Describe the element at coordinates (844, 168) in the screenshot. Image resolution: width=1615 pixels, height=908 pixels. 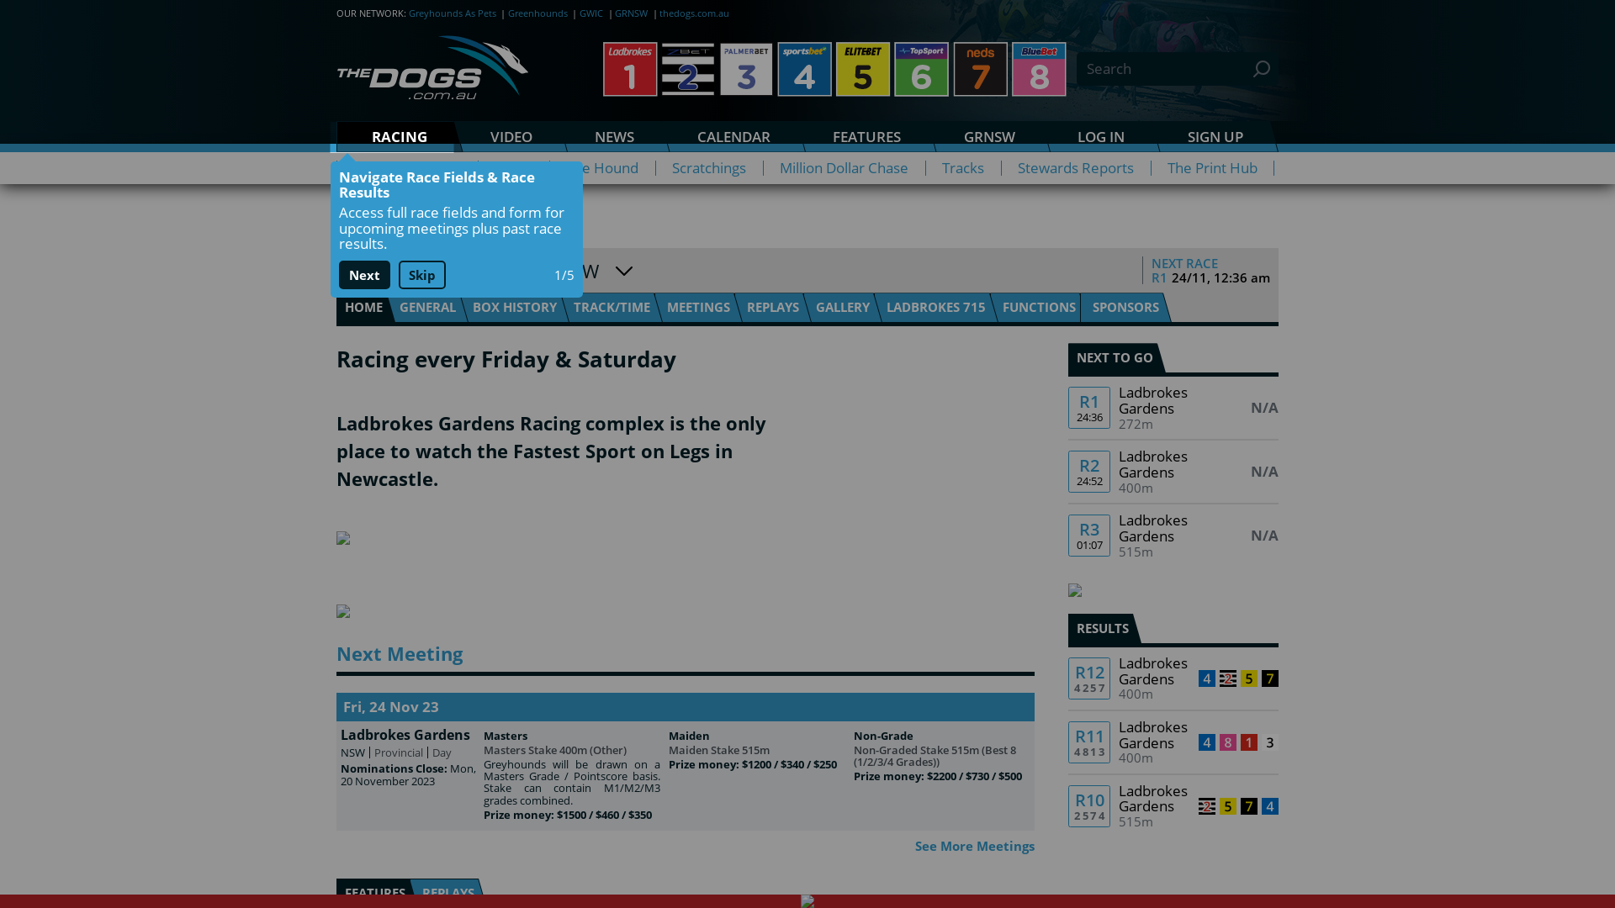
I see `'Million Dollar Chase'` at that location.